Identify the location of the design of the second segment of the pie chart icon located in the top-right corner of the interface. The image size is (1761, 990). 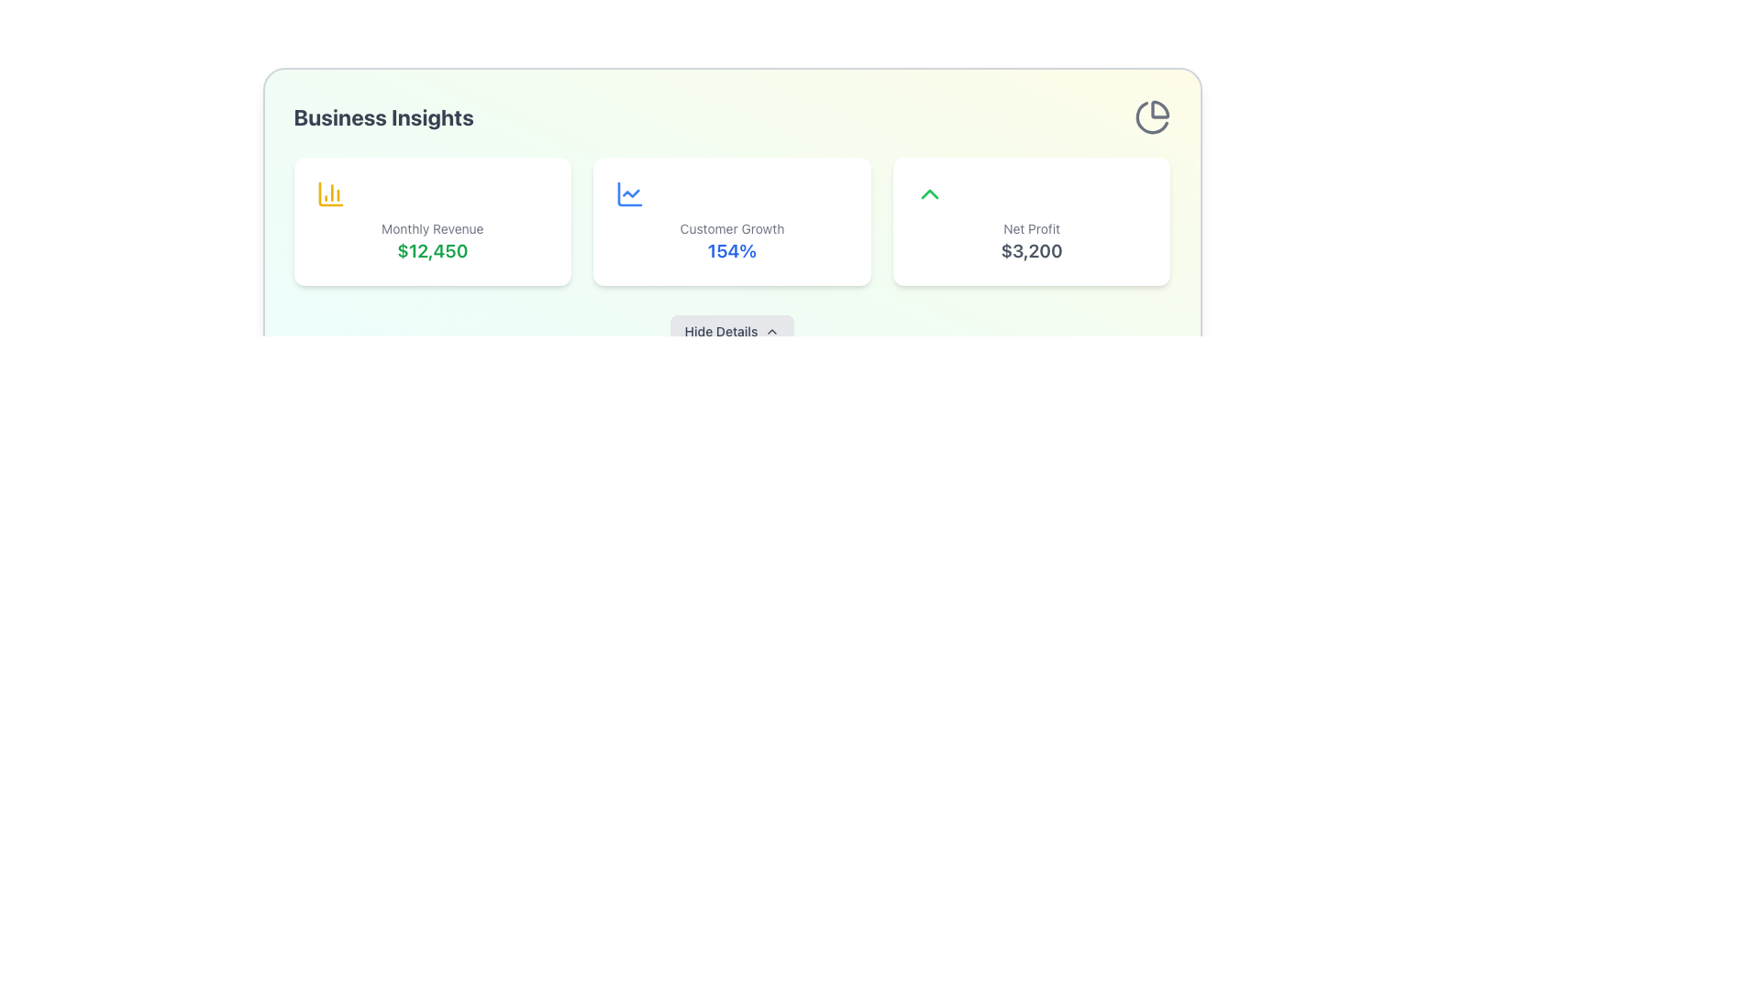
(1150, 117).